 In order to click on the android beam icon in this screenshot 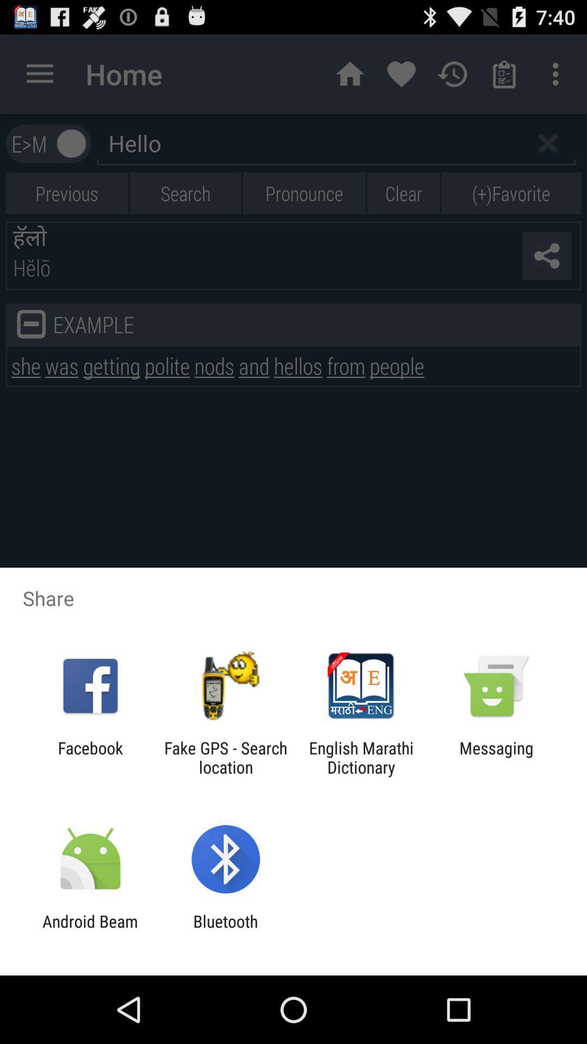, I will do `click(90, 930)`.